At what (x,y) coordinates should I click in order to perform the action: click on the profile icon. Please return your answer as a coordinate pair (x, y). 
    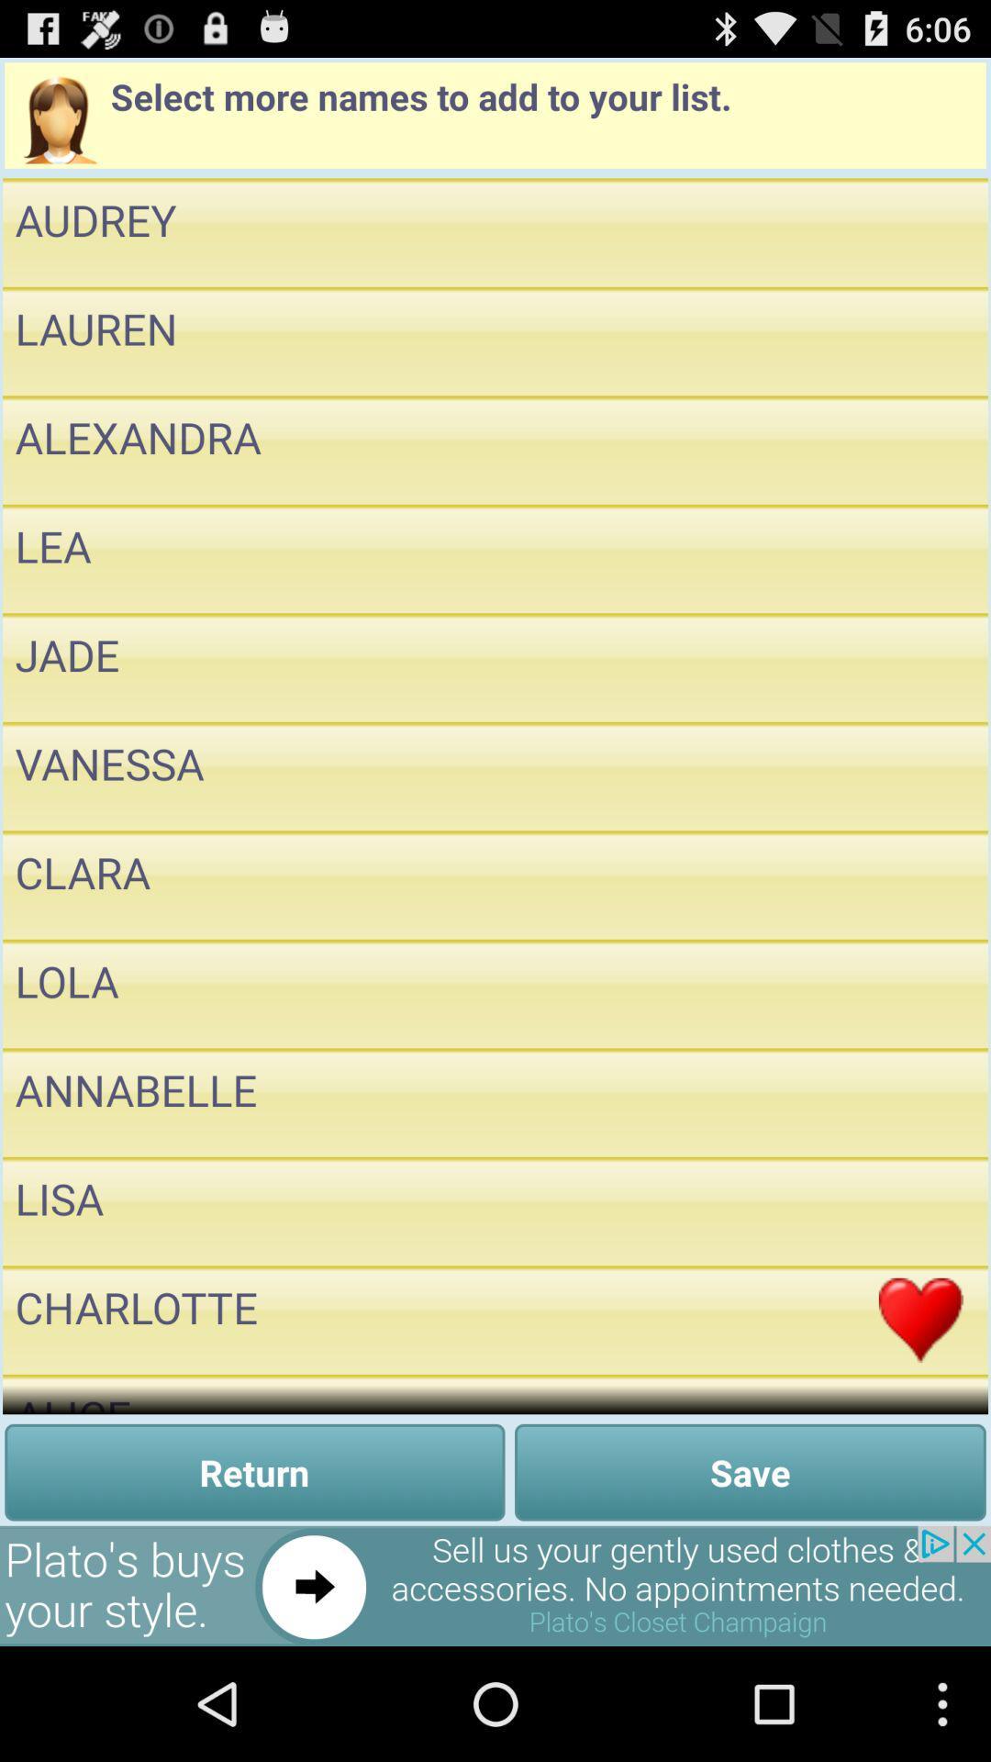
    Looking at the image, I should click on (57, 115).